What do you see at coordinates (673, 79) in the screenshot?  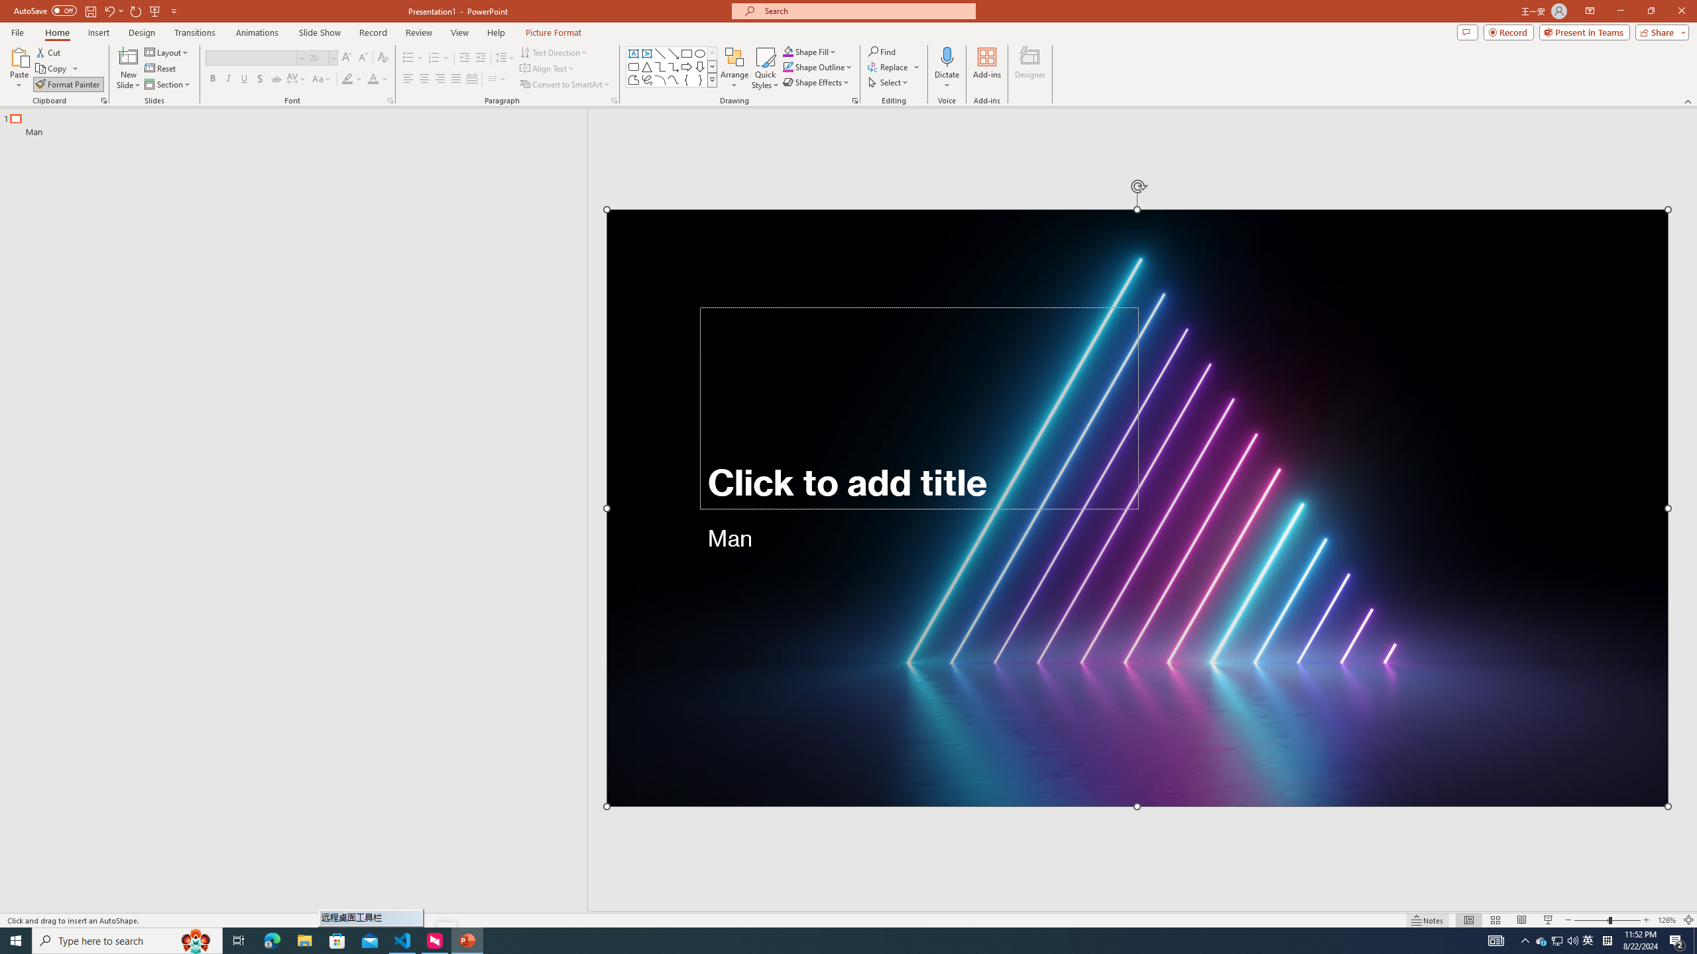 I see `'Curve'` at bounding box center [673, 79].